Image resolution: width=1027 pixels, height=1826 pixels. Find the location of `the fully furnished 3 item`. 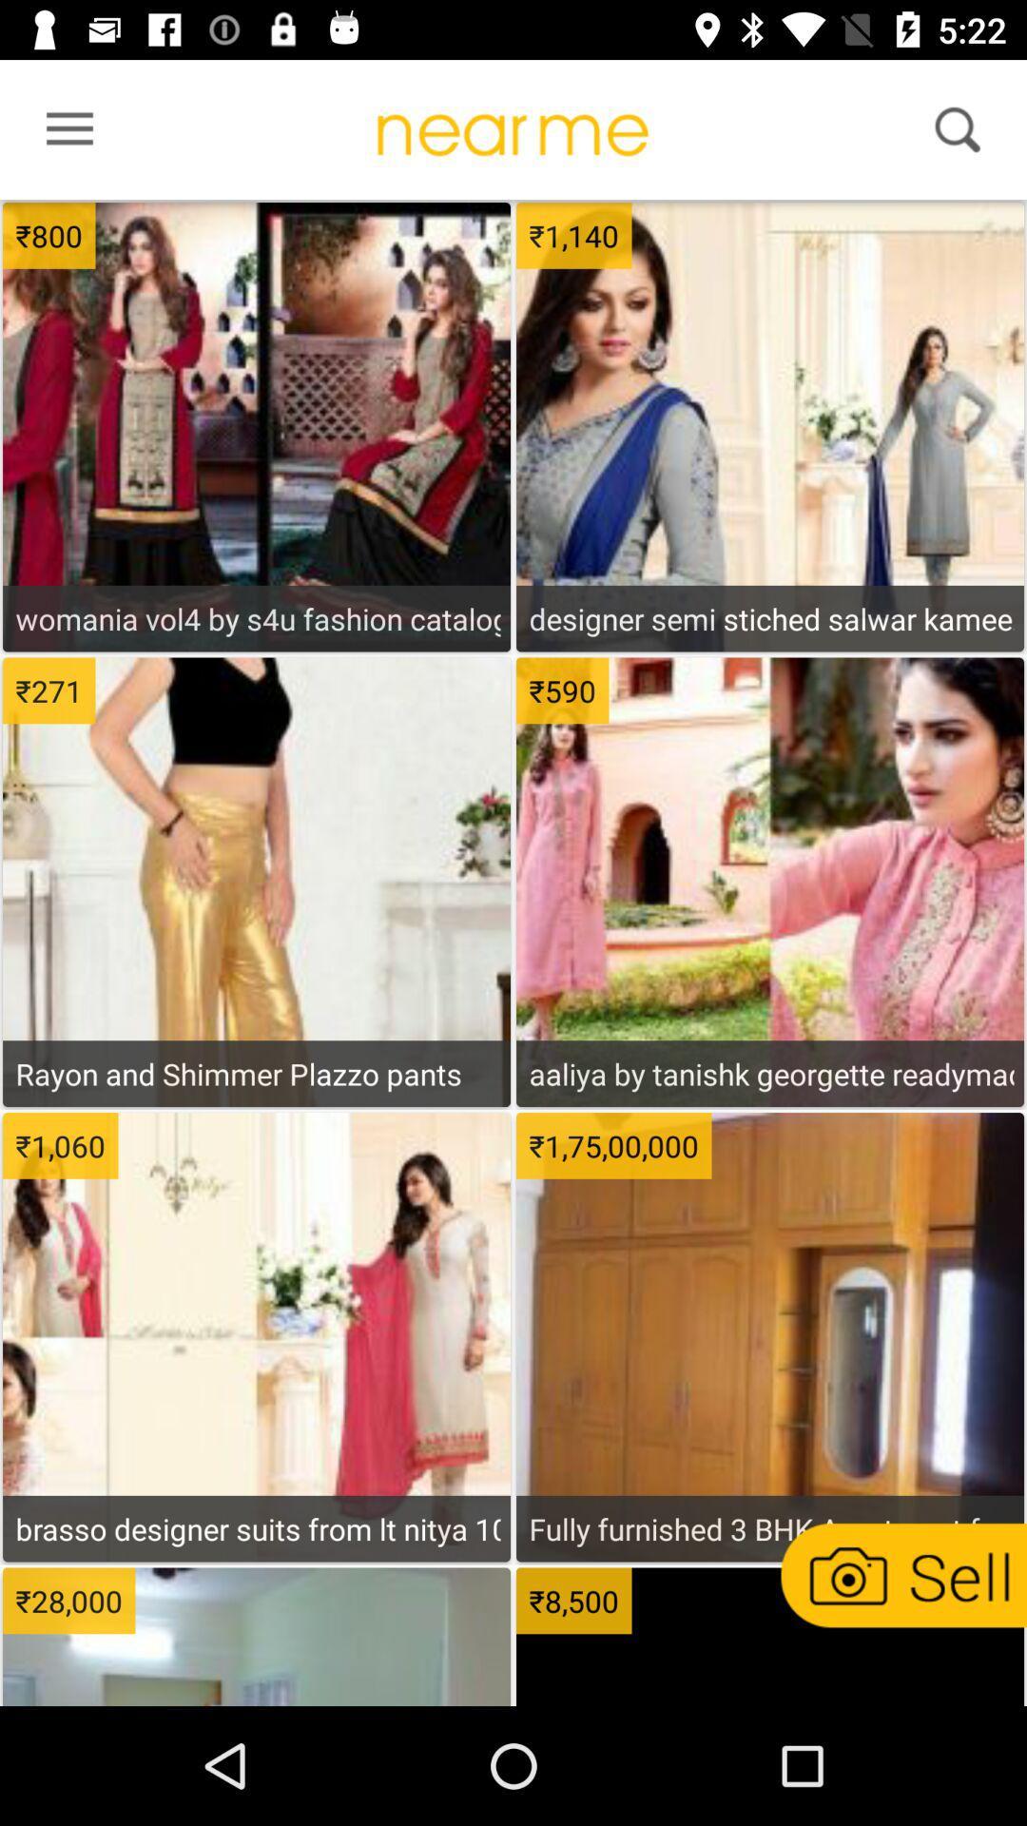

the fully furnished 3 item is located at coordinates (770, 1528).